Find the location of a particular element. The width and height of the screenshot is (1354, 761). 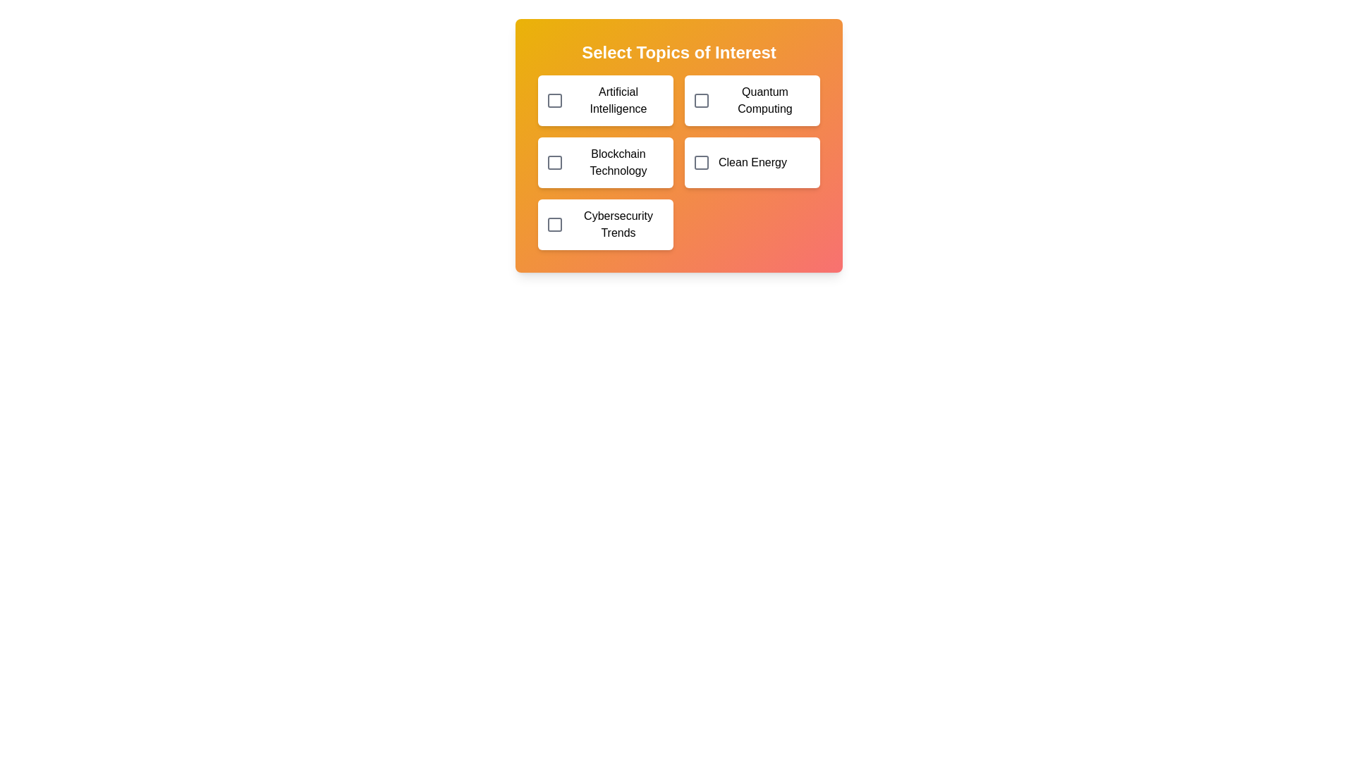

the checkbox corresponding to the topic Cybersecurity Trends to select or deselect it is located at coordinates (554, 224).